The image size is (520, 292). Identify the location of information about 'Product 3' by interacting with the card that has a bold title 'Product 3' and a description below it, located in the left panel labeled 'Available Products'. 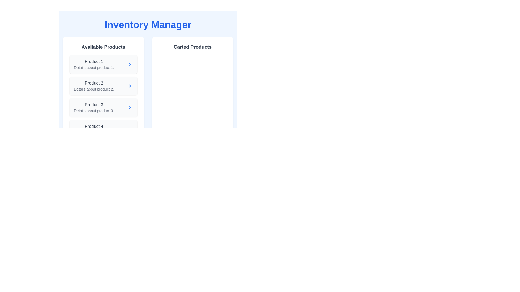
(103, 107).